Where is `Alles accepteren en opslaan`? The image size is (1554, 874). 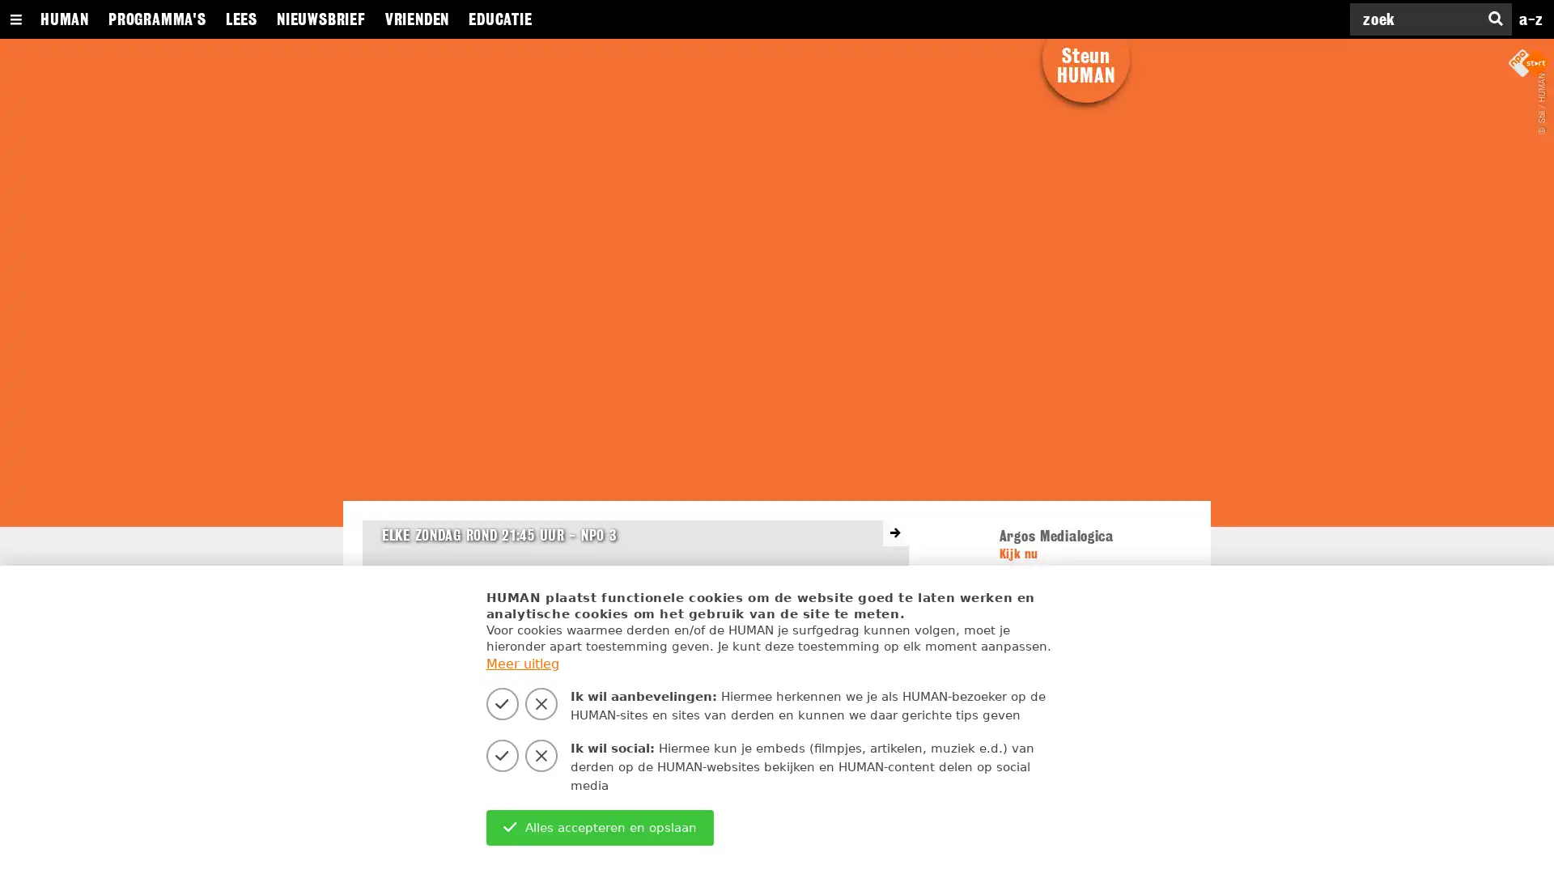 Alles accepteren en opslaan is located at coordinates (598, 827).